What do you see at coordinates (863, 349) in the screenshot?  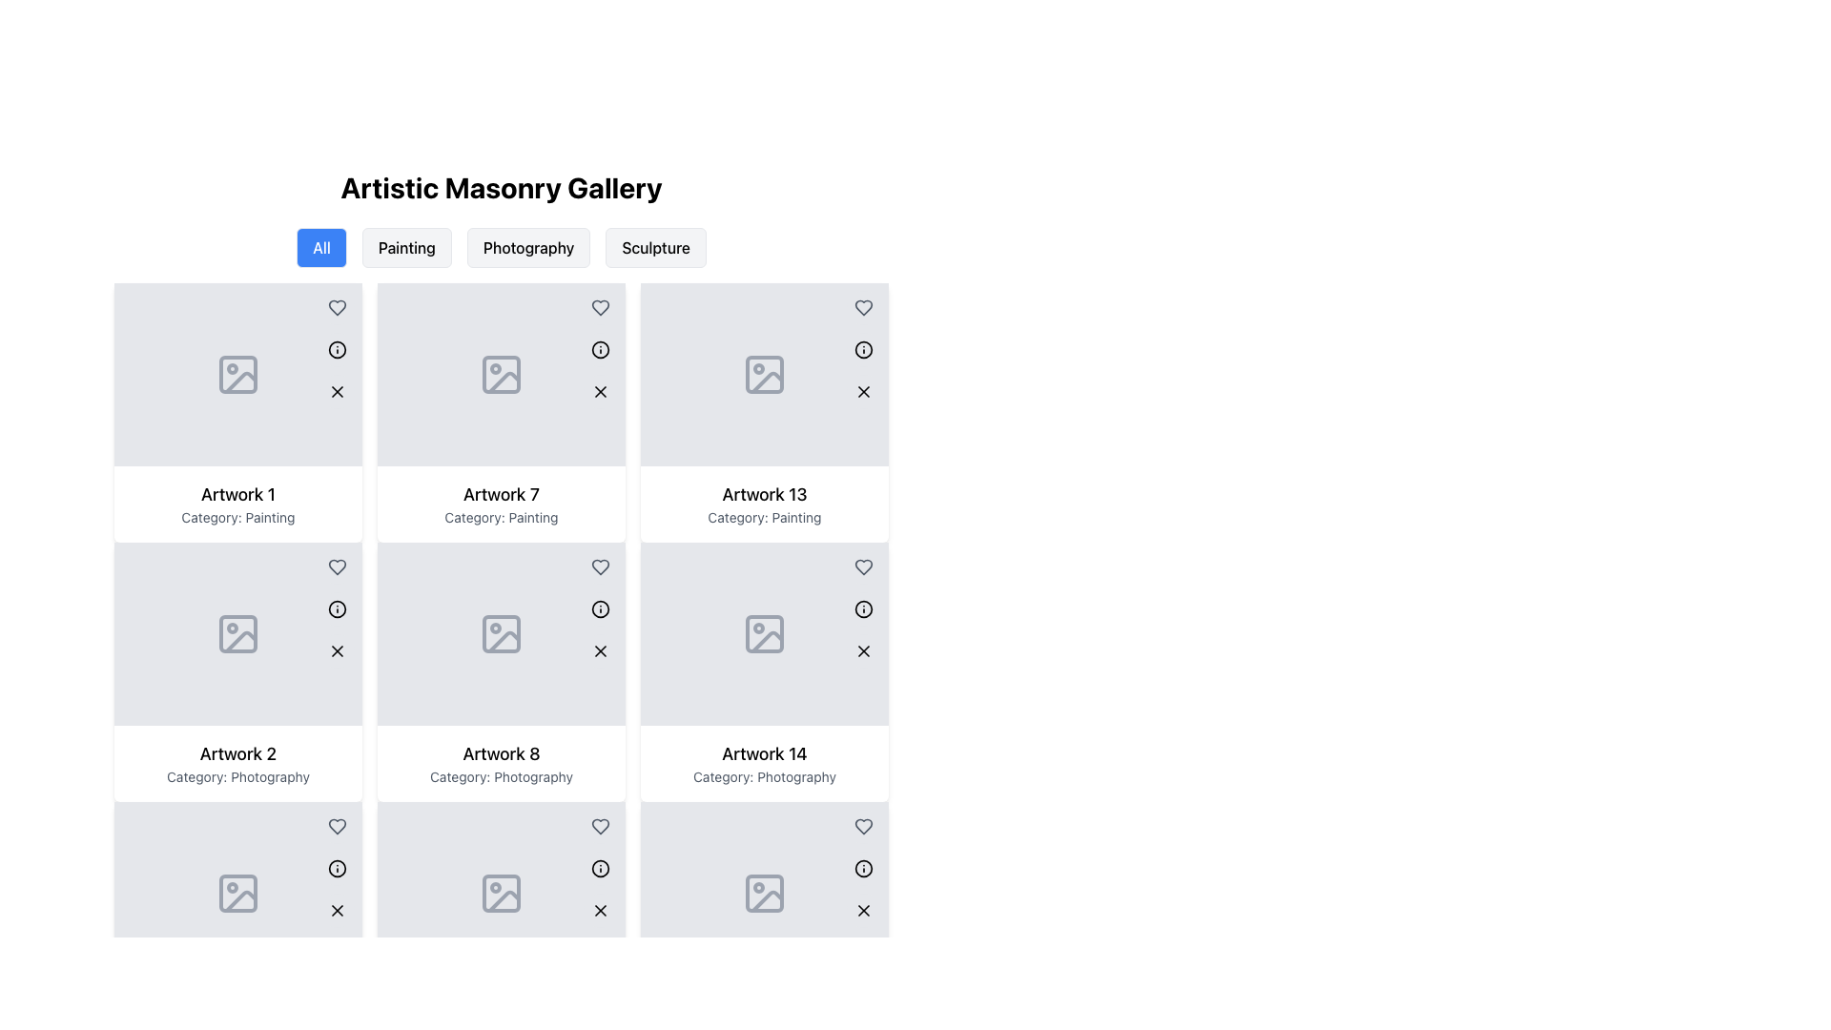 I see `the close button located at the bottom of the vertical group of three interactive buttons in the top-right corner of the card labeled 'Artwork 13'` at bounding box center [863, 349].